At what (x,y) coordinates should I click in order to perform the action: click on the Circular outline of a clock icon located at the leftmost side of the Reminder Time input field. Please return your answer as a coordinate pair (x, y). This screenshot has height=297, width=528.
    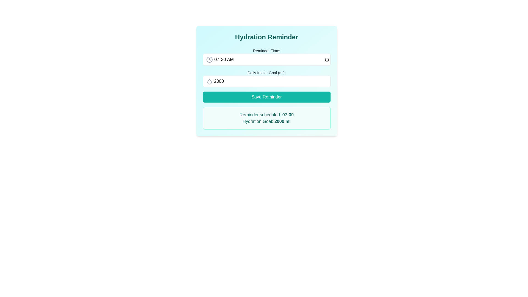
    Looking at the image, I should click on (209, 59).